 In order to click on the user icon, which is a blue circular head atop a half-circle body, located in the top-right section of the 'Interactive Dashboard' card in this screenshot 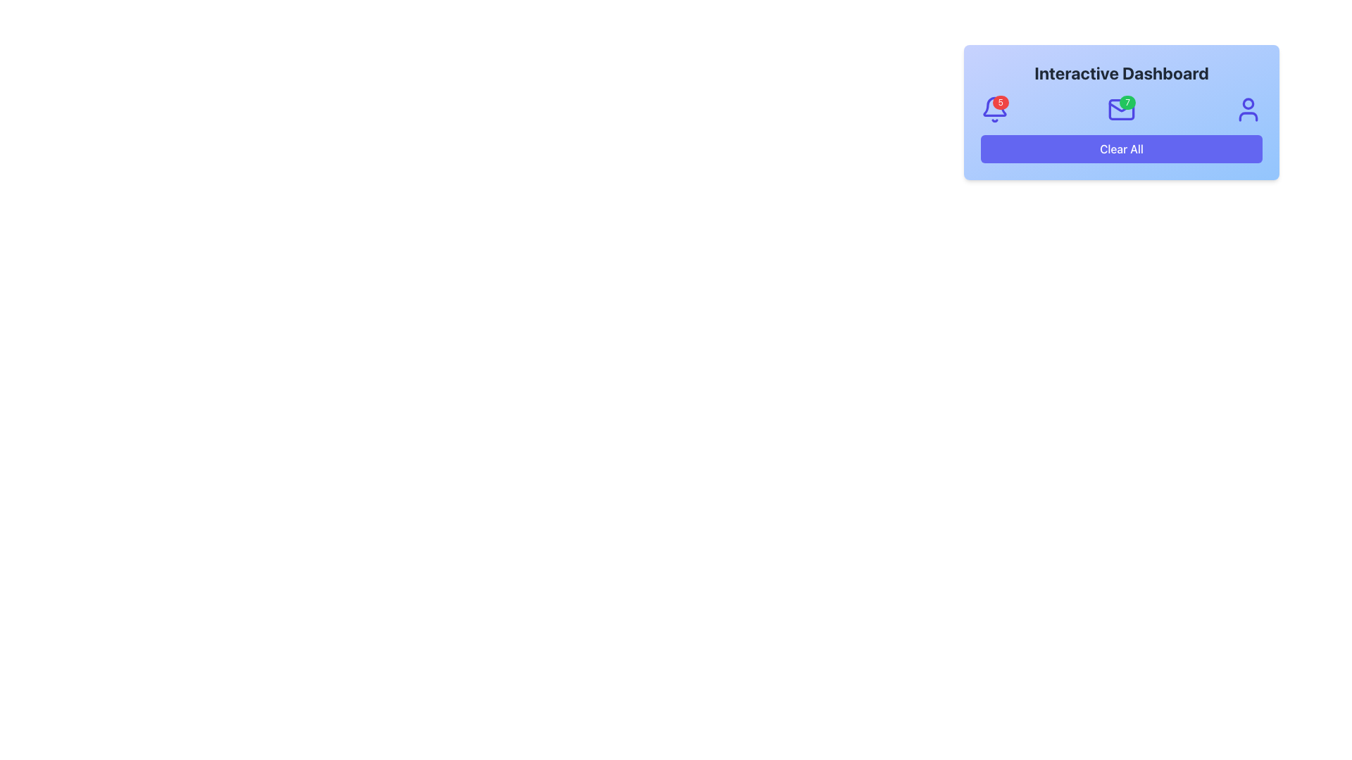, I will do `click(1248, 108)`.